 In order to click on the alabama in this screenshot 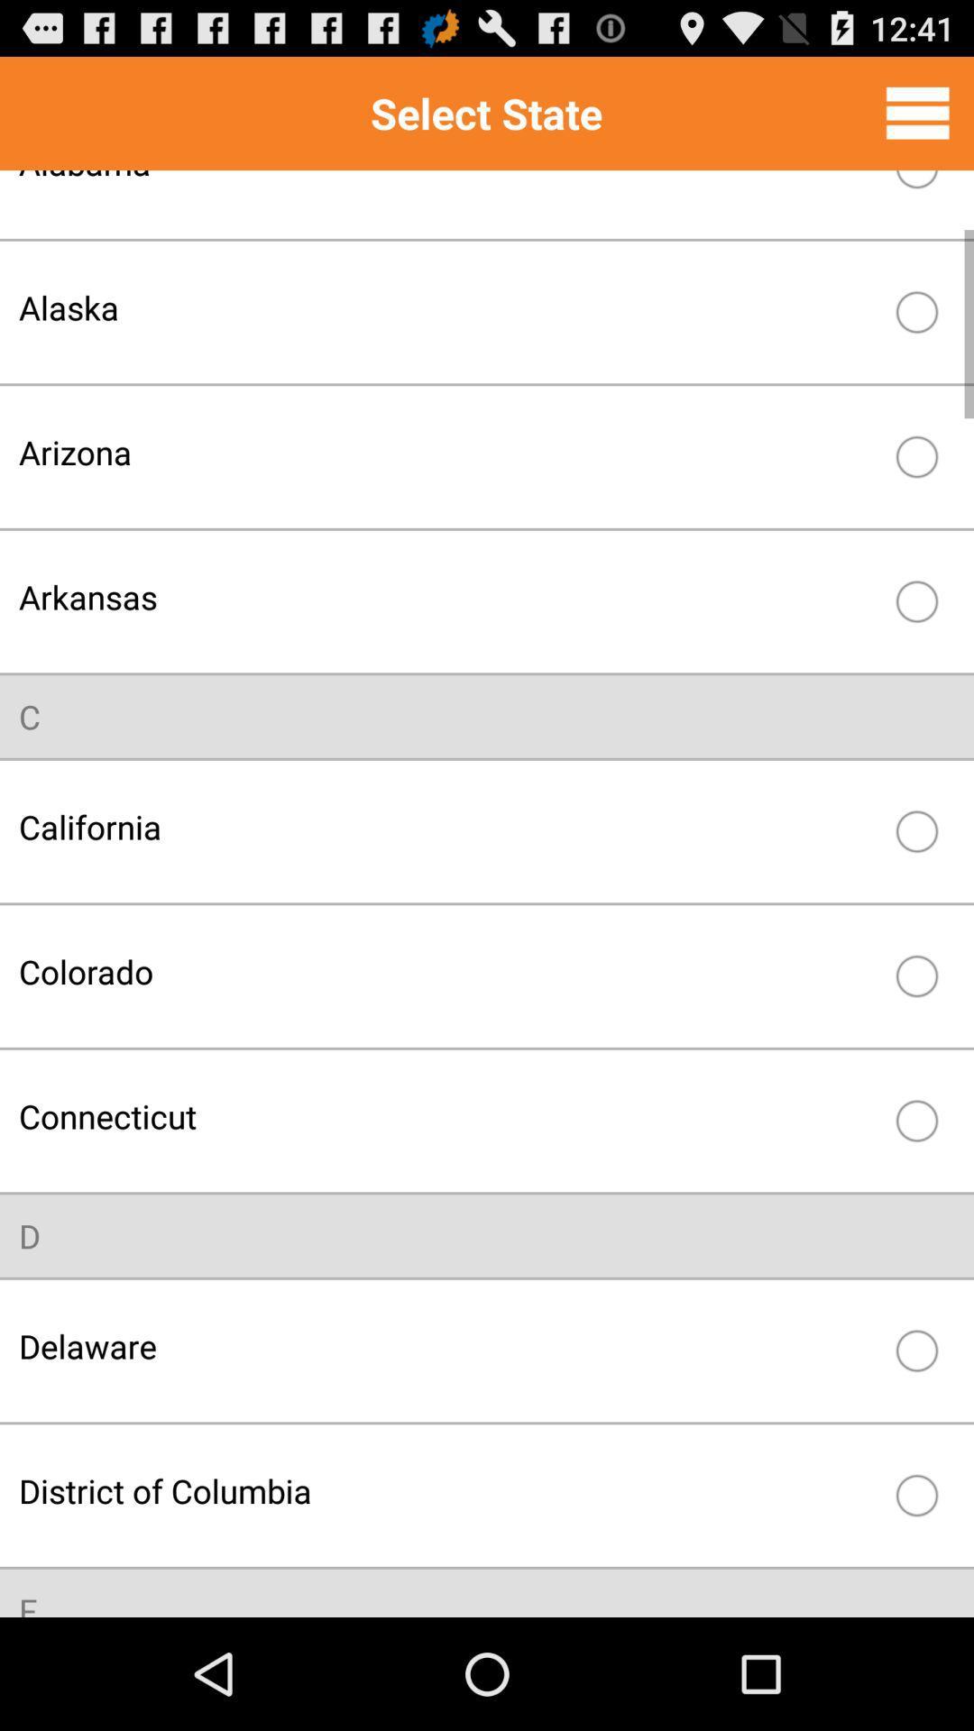, I will do `click(447, 190)`.